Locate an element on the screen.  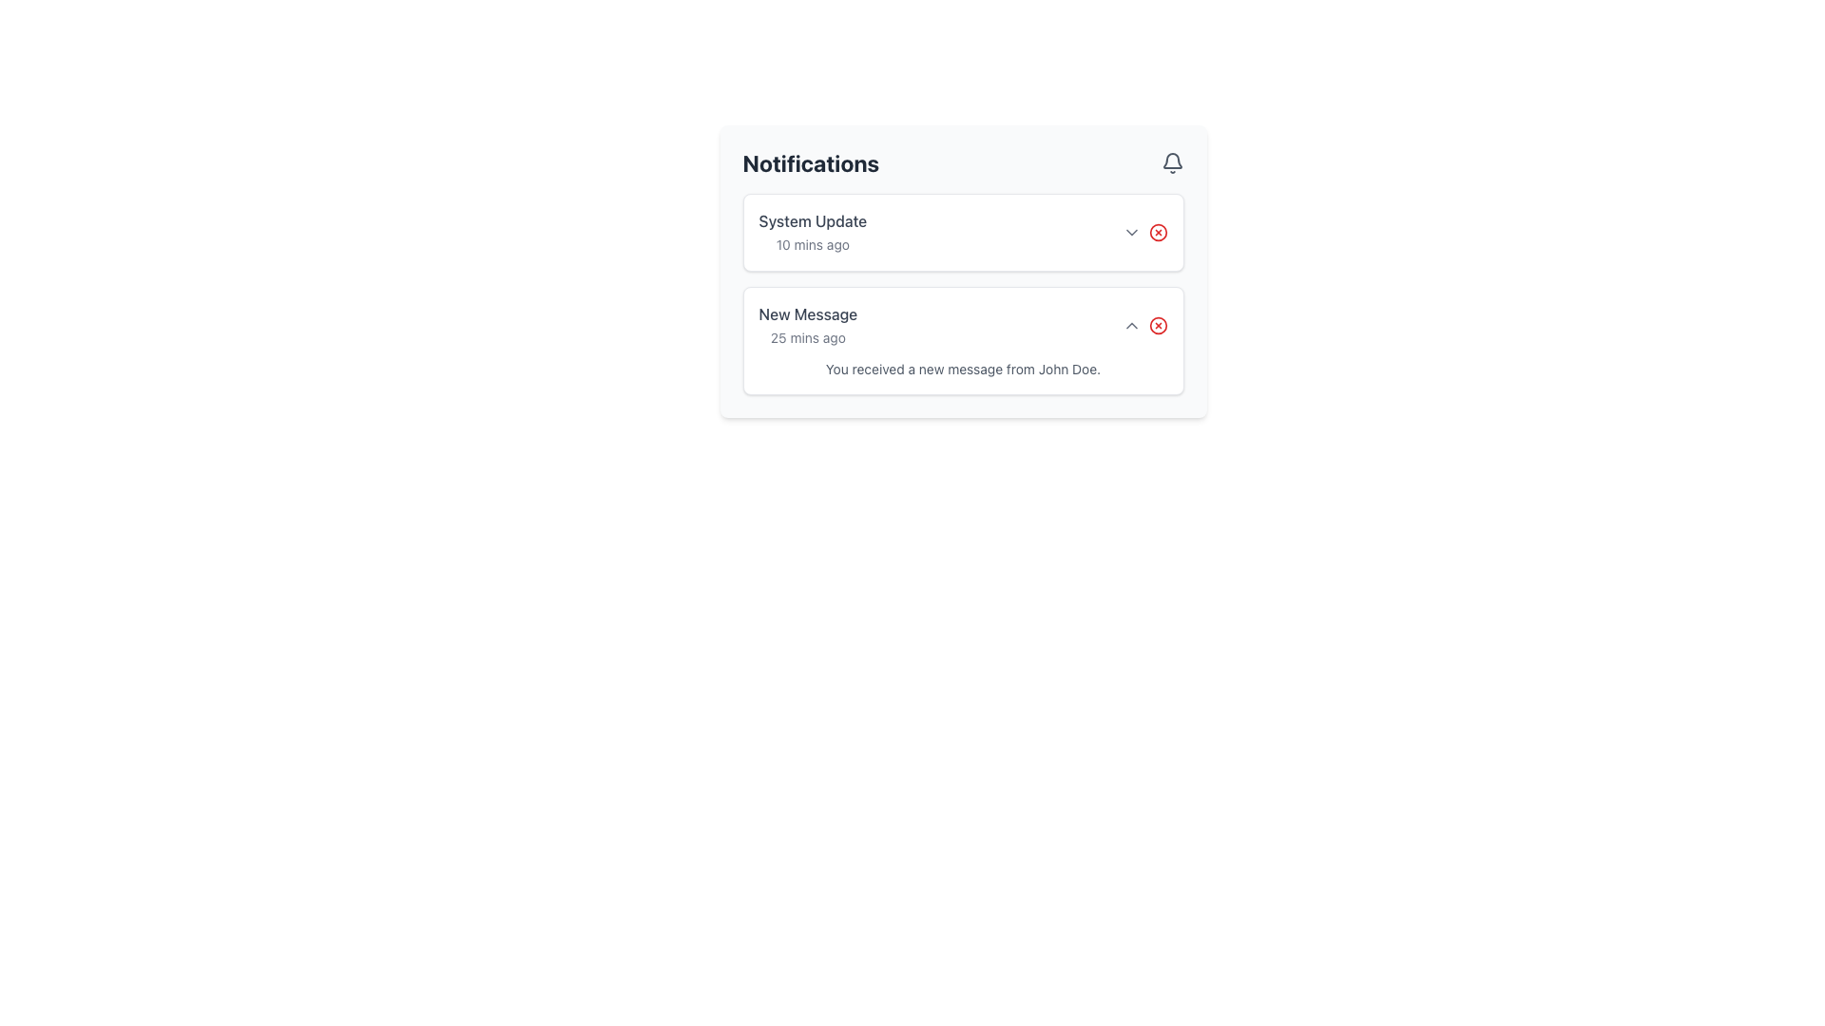
the text label displaying 'New Message' in bold, dark gray within the second notification card is located at coordinates (808, 313).